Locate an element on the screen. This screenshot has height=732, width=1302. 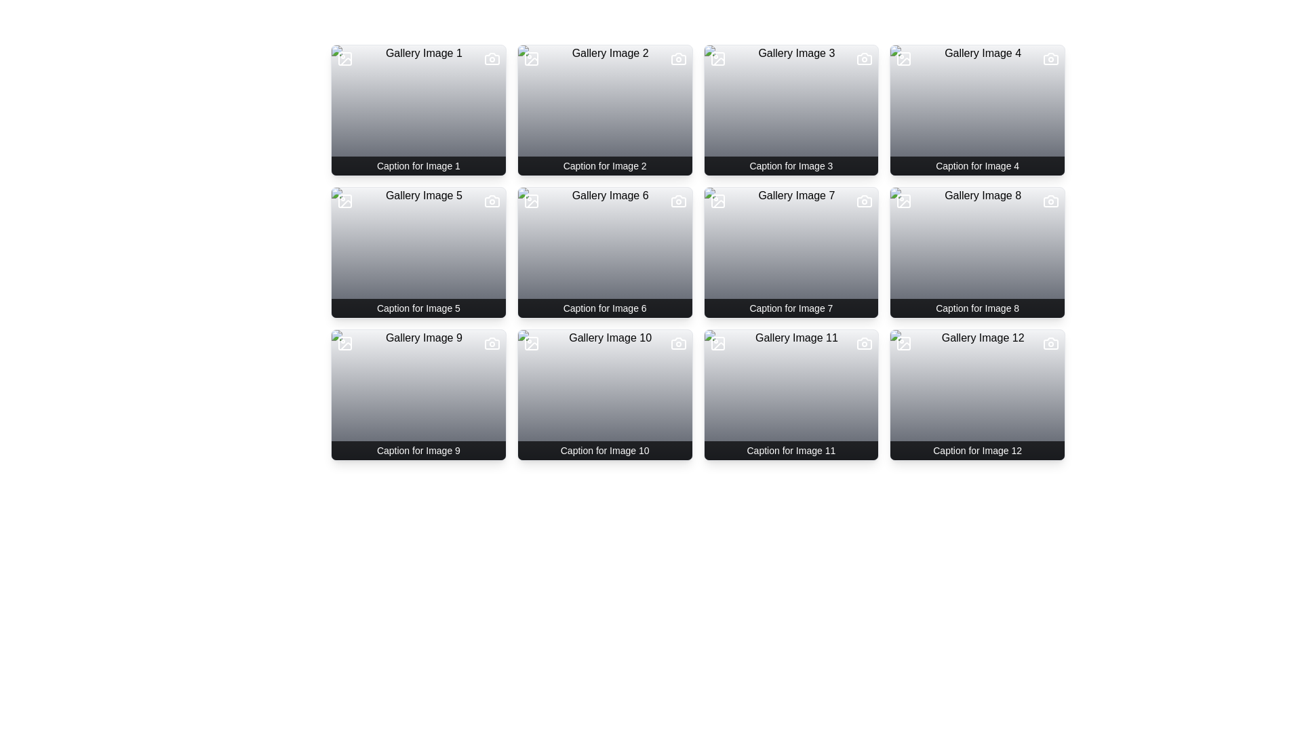
the Gallery Image Card located in the fourth row and third column of the grid is located at coordinates (791, 394).